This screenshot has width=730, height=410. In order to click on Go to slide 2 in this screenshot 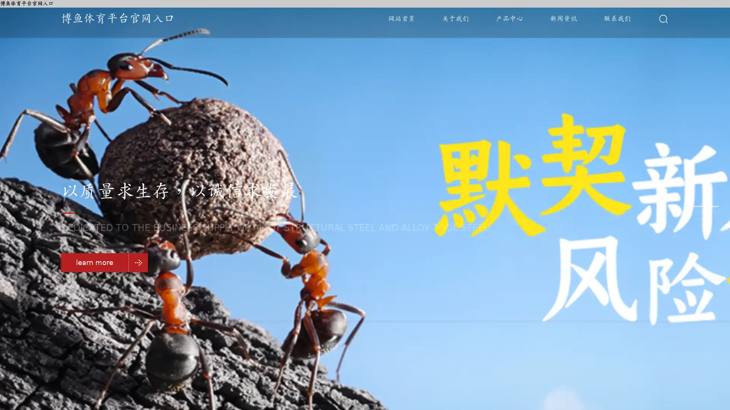, I will do `click(703, 212)`.